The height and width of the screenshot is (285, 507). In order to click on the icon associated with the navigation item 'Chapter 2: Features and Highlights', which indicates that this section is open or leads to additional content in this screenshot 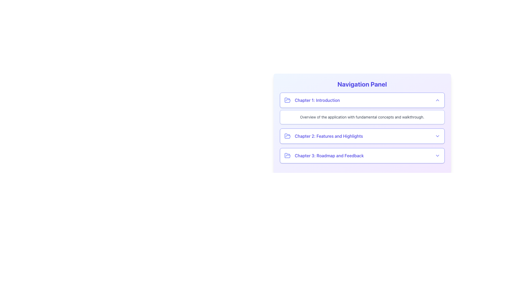, I will do `click(287, 136)`.